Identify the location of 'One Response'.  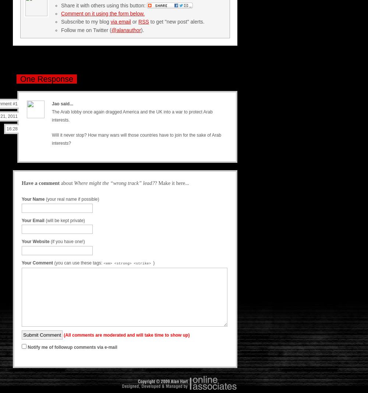
(20, 79).